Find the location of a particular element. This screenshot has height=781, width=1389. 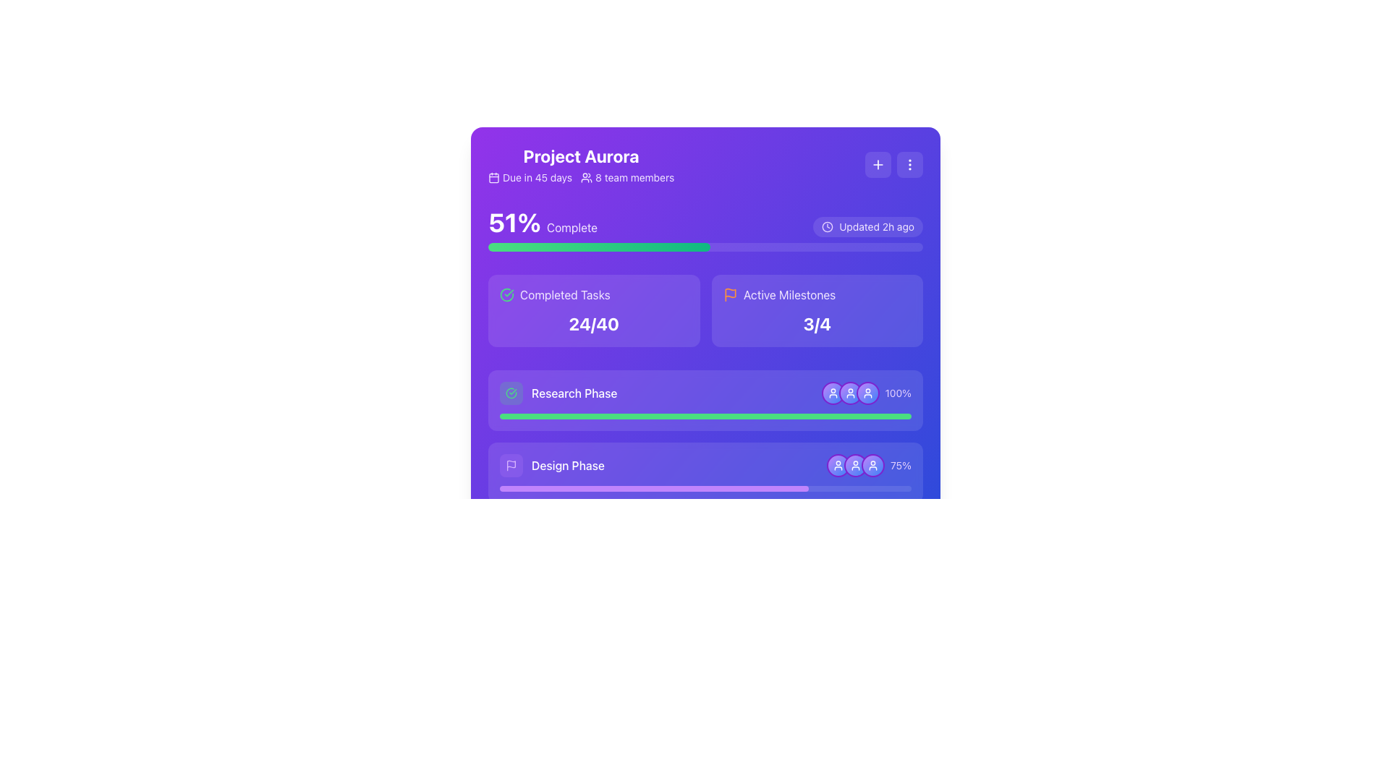

the rectangular graphical component with rounded corners within the calendar icon, located adjacent to the 'Due in 45 days' text is located at coordinates (493, 177).